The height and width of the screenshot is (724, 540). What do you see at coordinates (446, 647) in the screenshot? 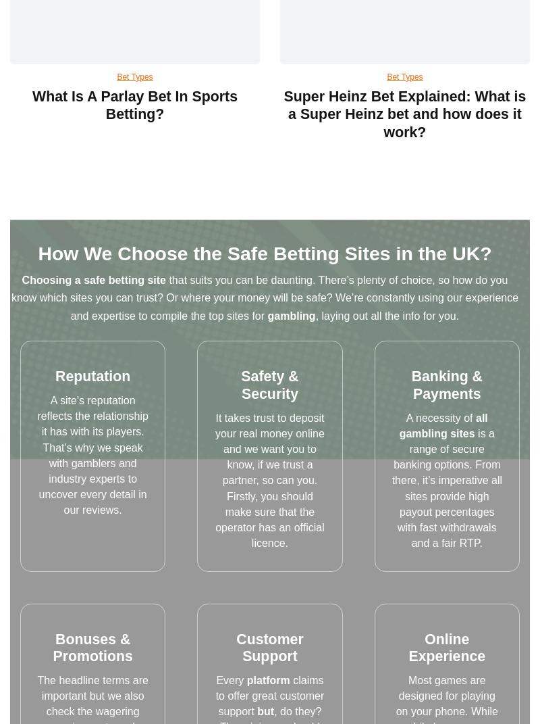
I see `'Online Experience'` at bounding box center [446, 647].